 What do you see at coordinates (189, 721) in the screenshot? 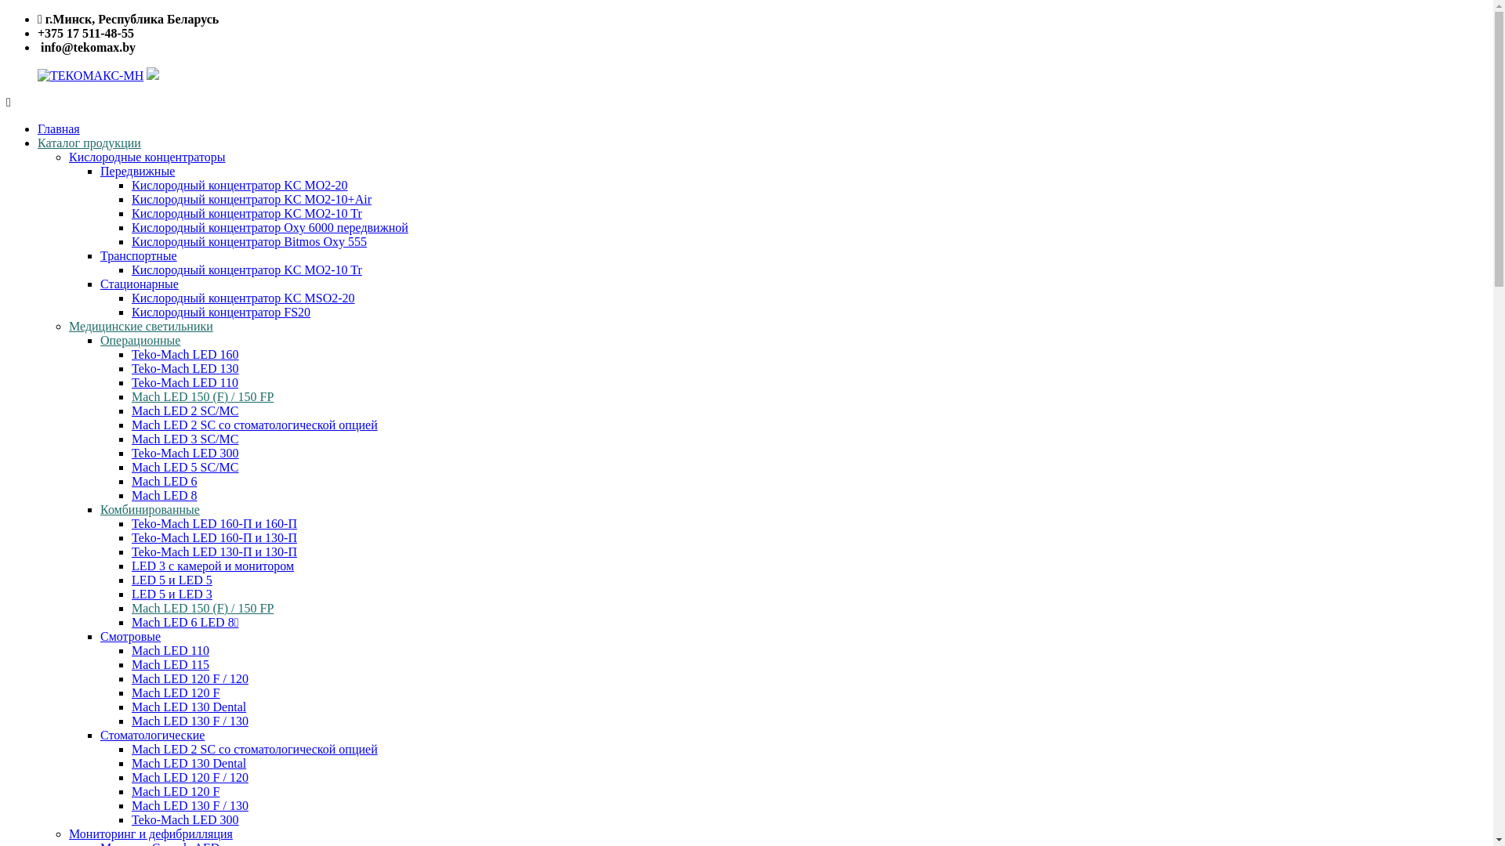
I see `'Mach LED 130 F / 130'` at bounding box center [189, 721].